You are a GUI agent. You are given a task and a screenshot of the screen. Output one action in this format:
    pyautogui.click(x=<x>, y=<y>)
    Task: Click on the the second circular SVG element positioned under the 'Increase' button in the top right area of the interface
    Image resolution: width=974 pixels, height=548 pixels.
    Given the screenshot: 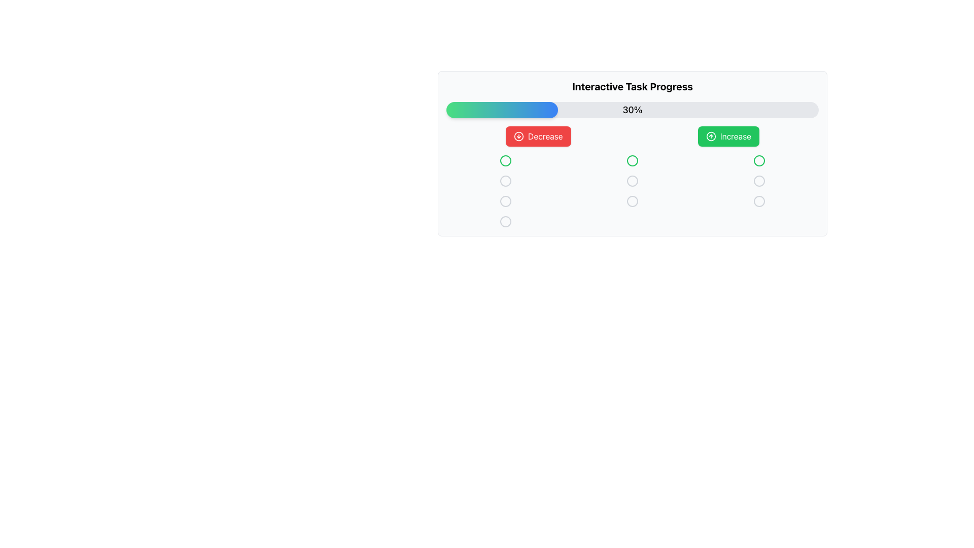 What is the action you would take?
    pyautogui.click(x=759, y=181)
    